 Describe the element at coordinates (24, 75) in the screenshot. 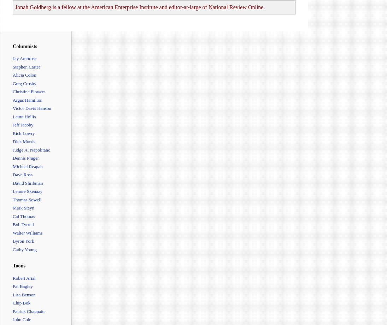

I see `'Alicia Colon'` at that location.